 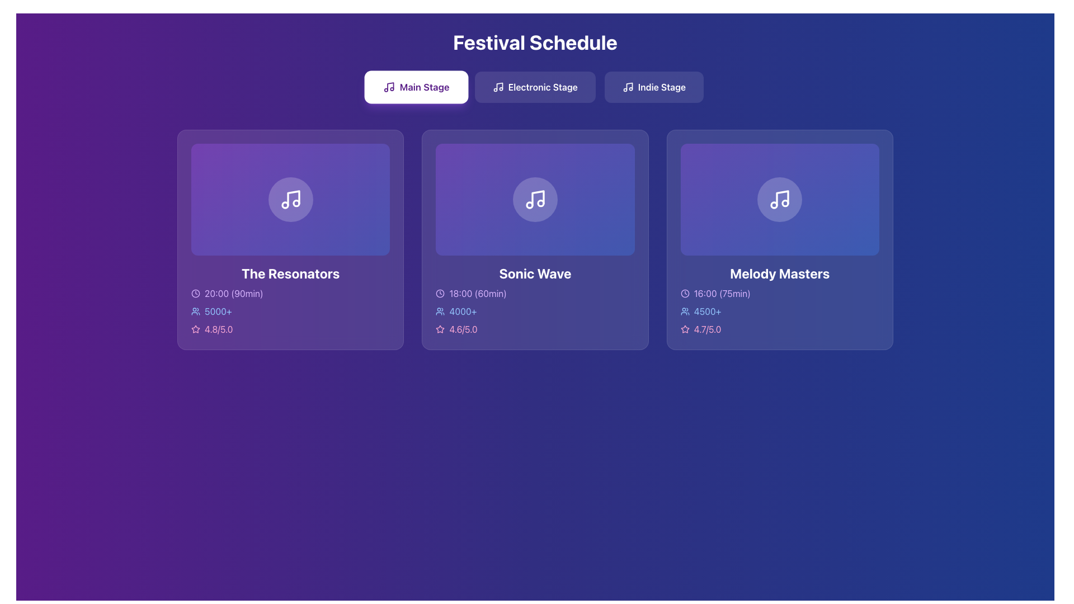 I want to click on the title text label of the event in the second card of a three-card layout to read the text, so click(x=534, y=273).